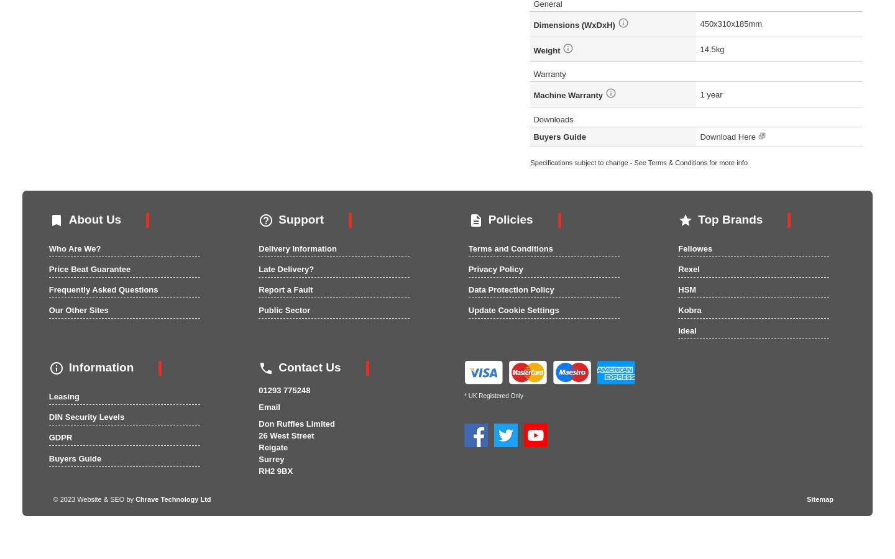 The height and width of the screenshot is (559, 895). What do you see at coordinates (712, 48) in the screenshot?
I see `'14.5kg'` at bounding box center [712, 48].